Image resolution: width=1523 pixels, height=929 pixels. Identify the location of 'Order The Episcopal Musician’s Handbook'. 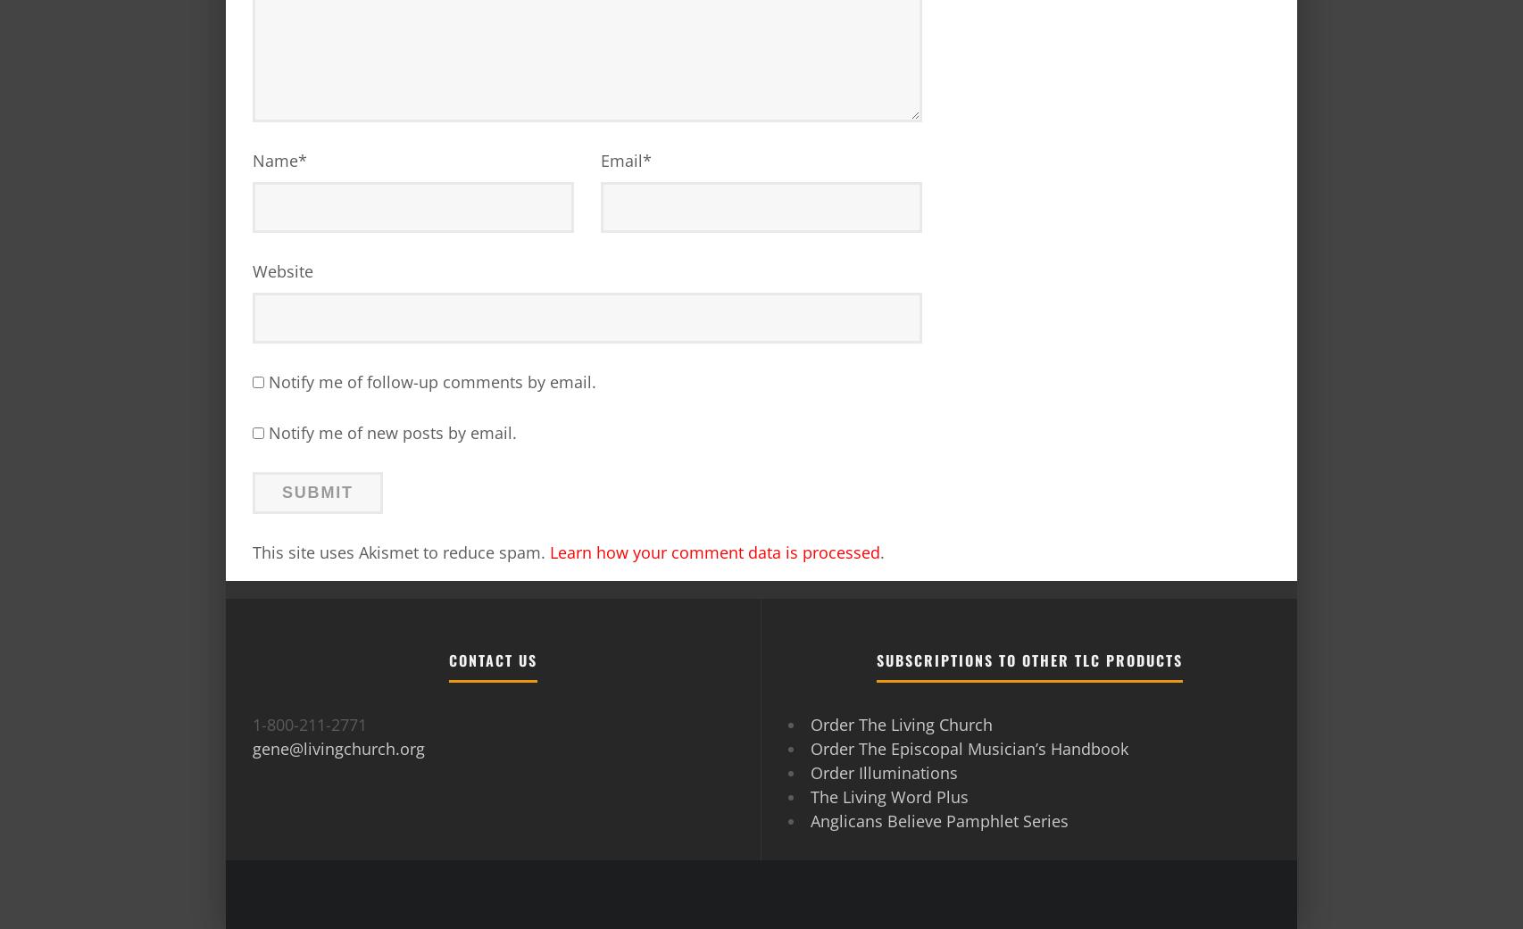
(970, 747).